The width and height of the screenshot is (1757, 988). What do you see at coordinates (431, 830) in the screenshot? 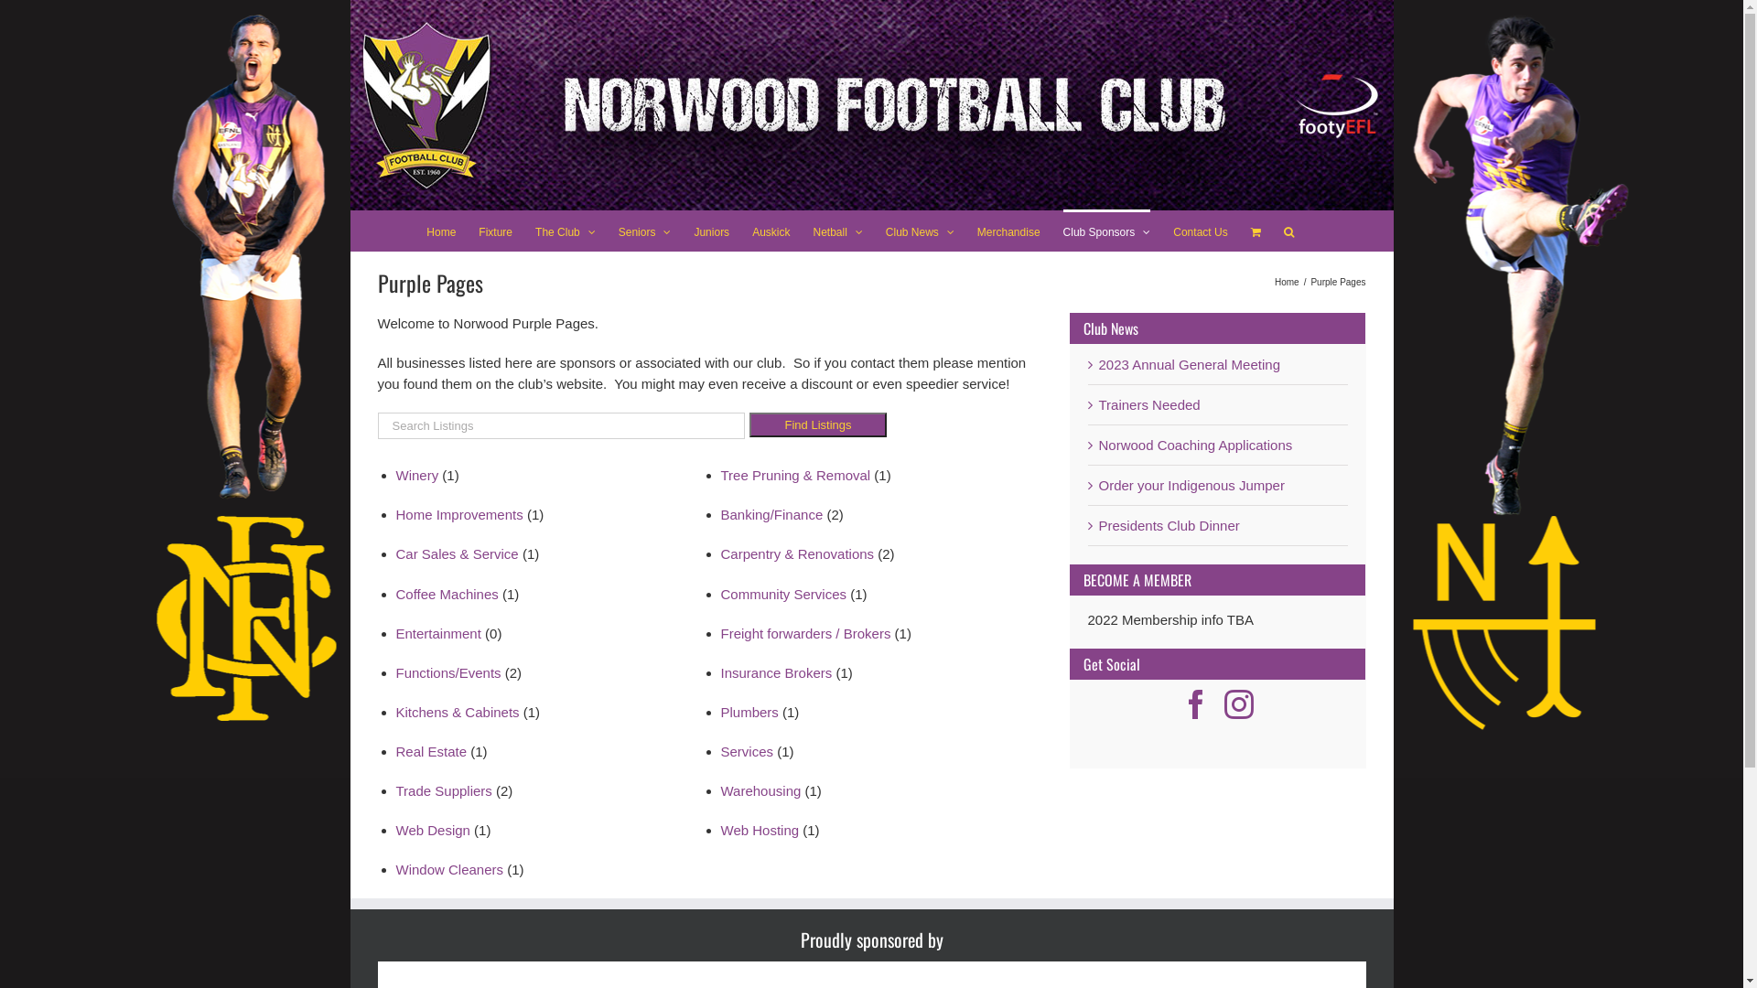
I see `'Web Design'` at bounding box center [431, 830].